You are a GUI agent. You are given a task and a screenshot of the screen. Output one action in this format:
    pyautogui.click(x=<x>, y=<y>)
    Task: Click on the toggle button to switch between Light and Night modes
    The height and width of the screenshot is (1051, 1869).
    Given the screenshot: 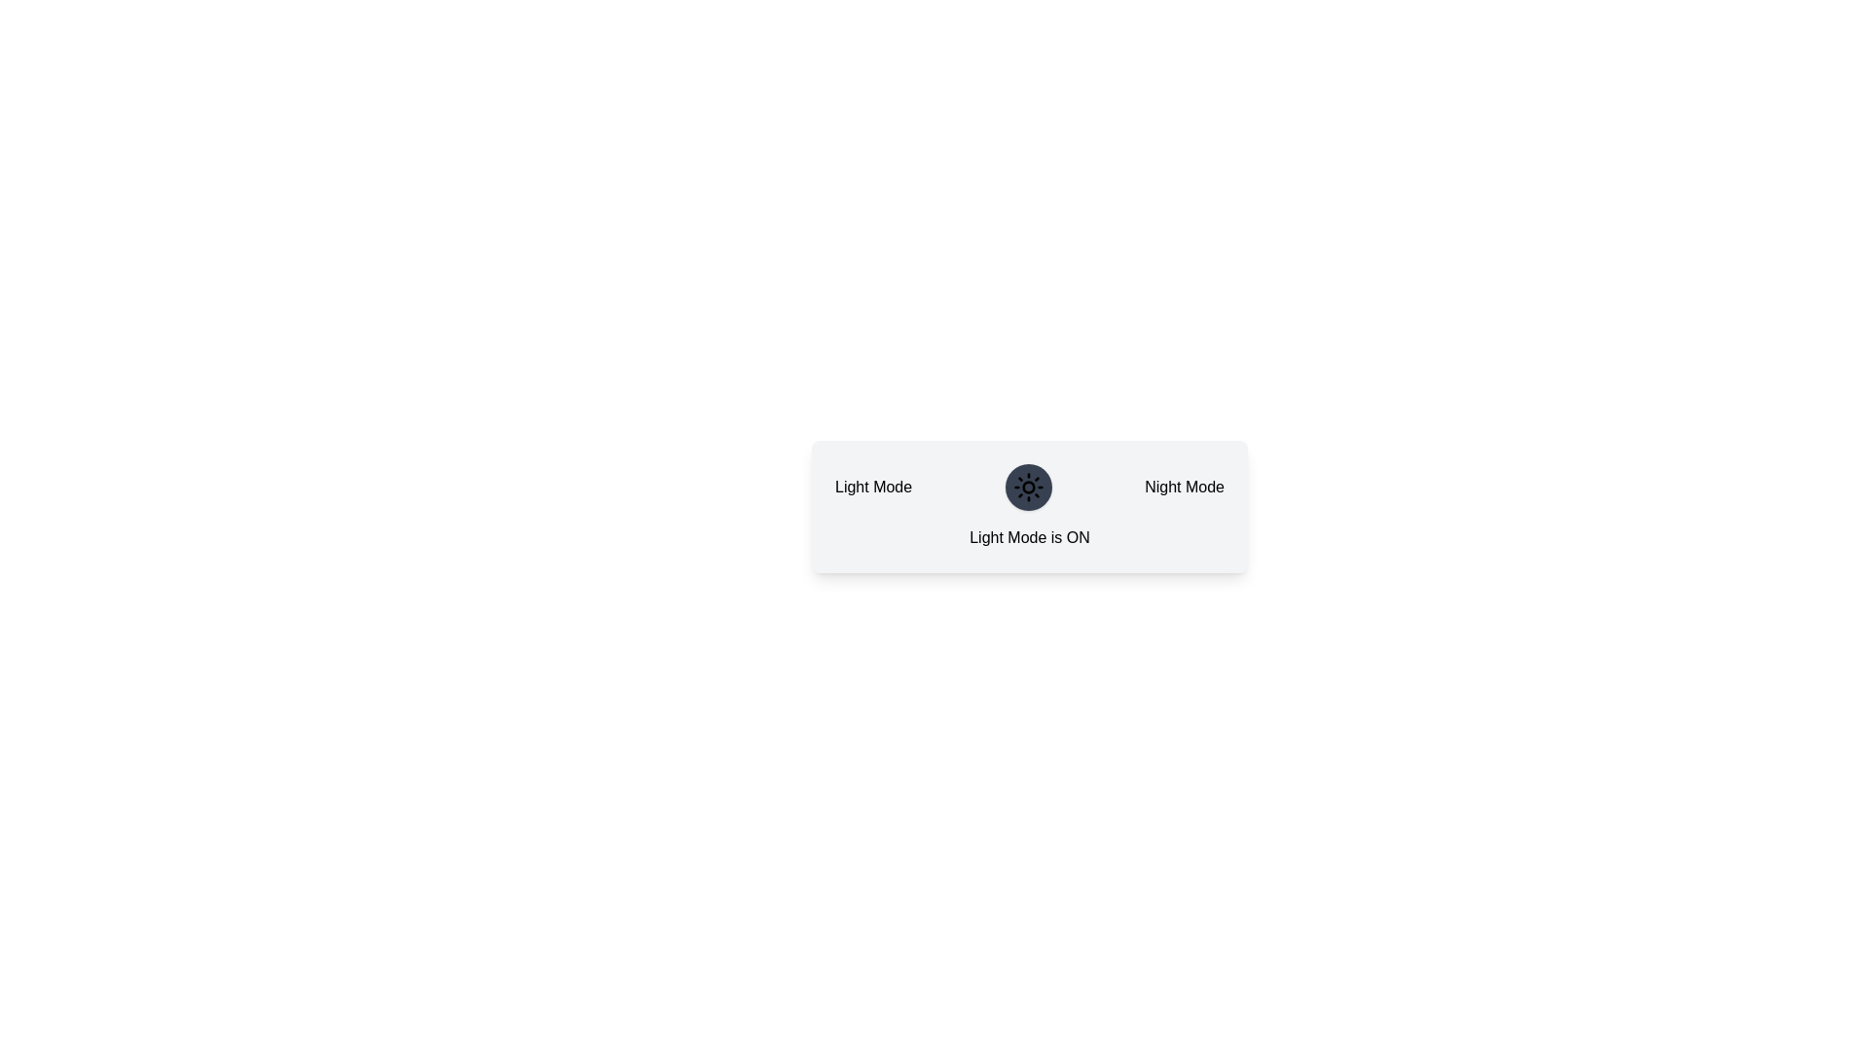 What is the action you would take?
    pyautogui.click(x=1027, y=487)
    